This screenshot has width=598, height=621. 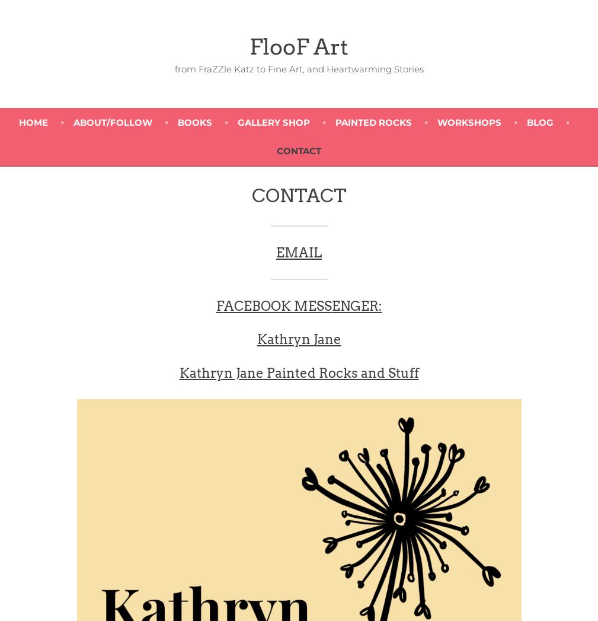 I want to click on 'from FraZZle Katz to Fine Art, and Heartwarming Stories', so click(x=298, y=68).